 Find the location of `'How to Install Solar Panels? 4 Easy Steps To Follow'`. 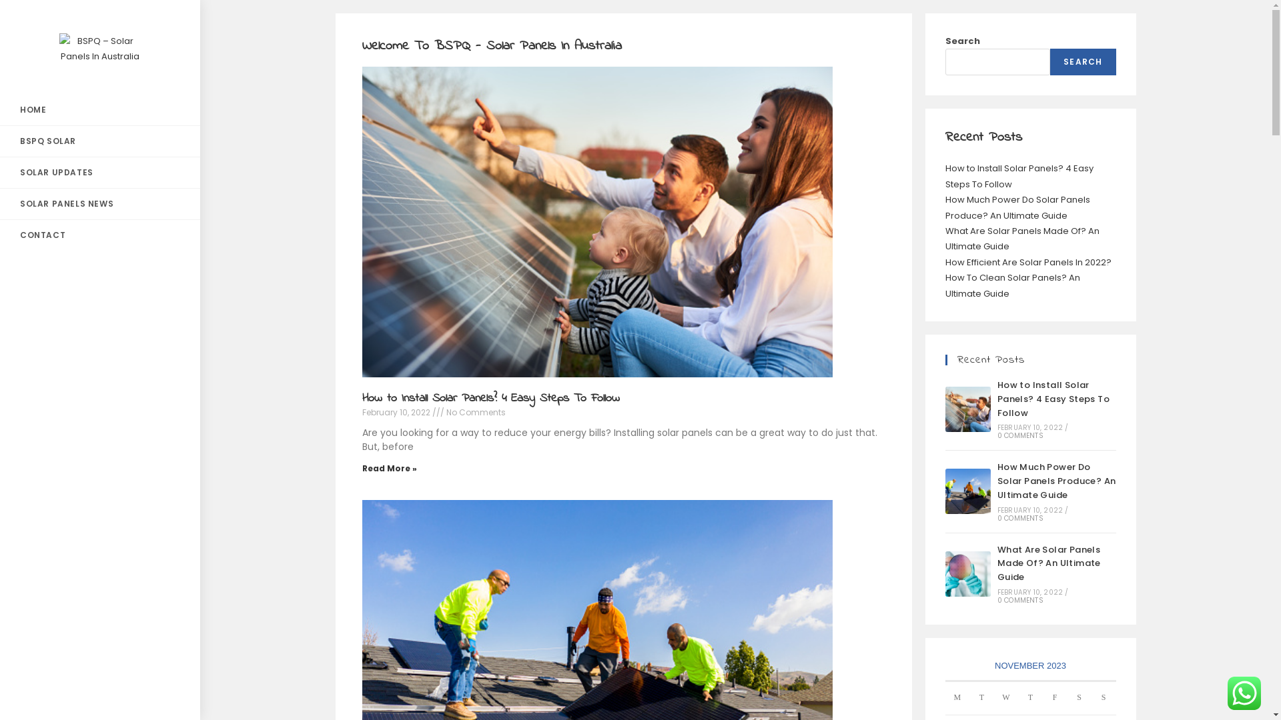

'How to Install Solar Panels? 4 Easy Steps To Follow' is located at coordinates (489, 397).